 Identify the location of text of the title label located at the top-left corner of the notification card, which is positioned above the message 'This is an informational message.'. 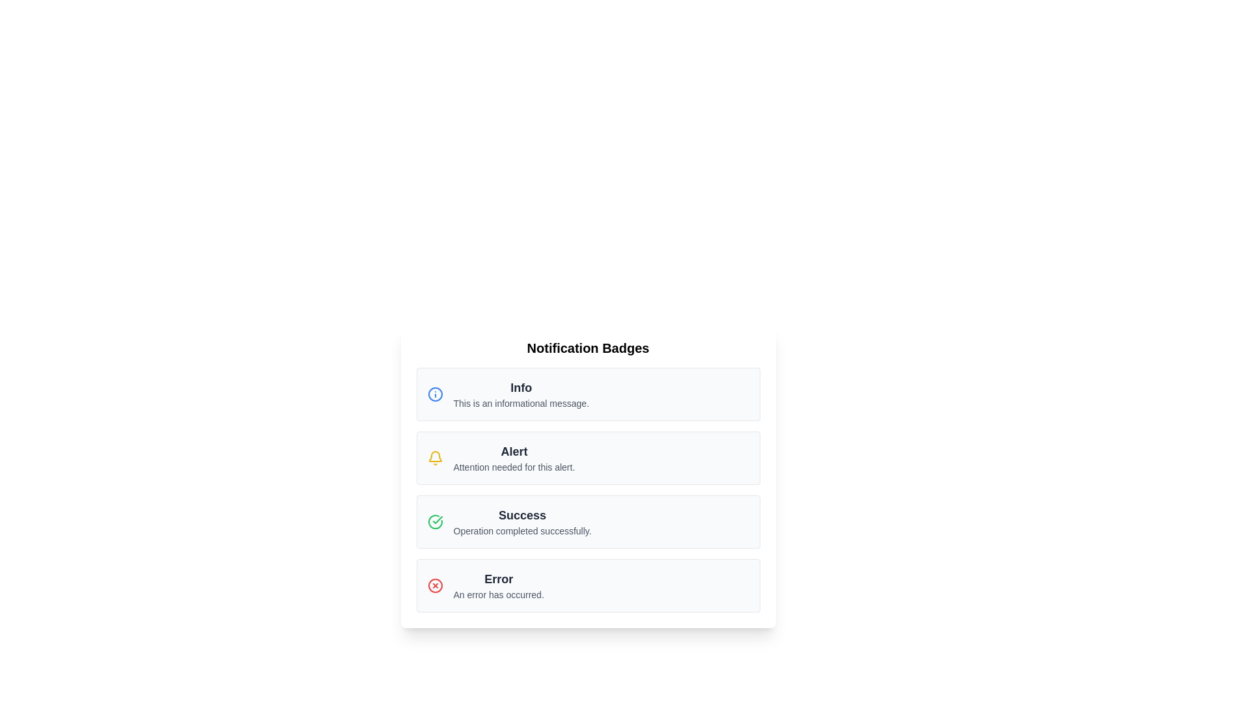
(521, 387).